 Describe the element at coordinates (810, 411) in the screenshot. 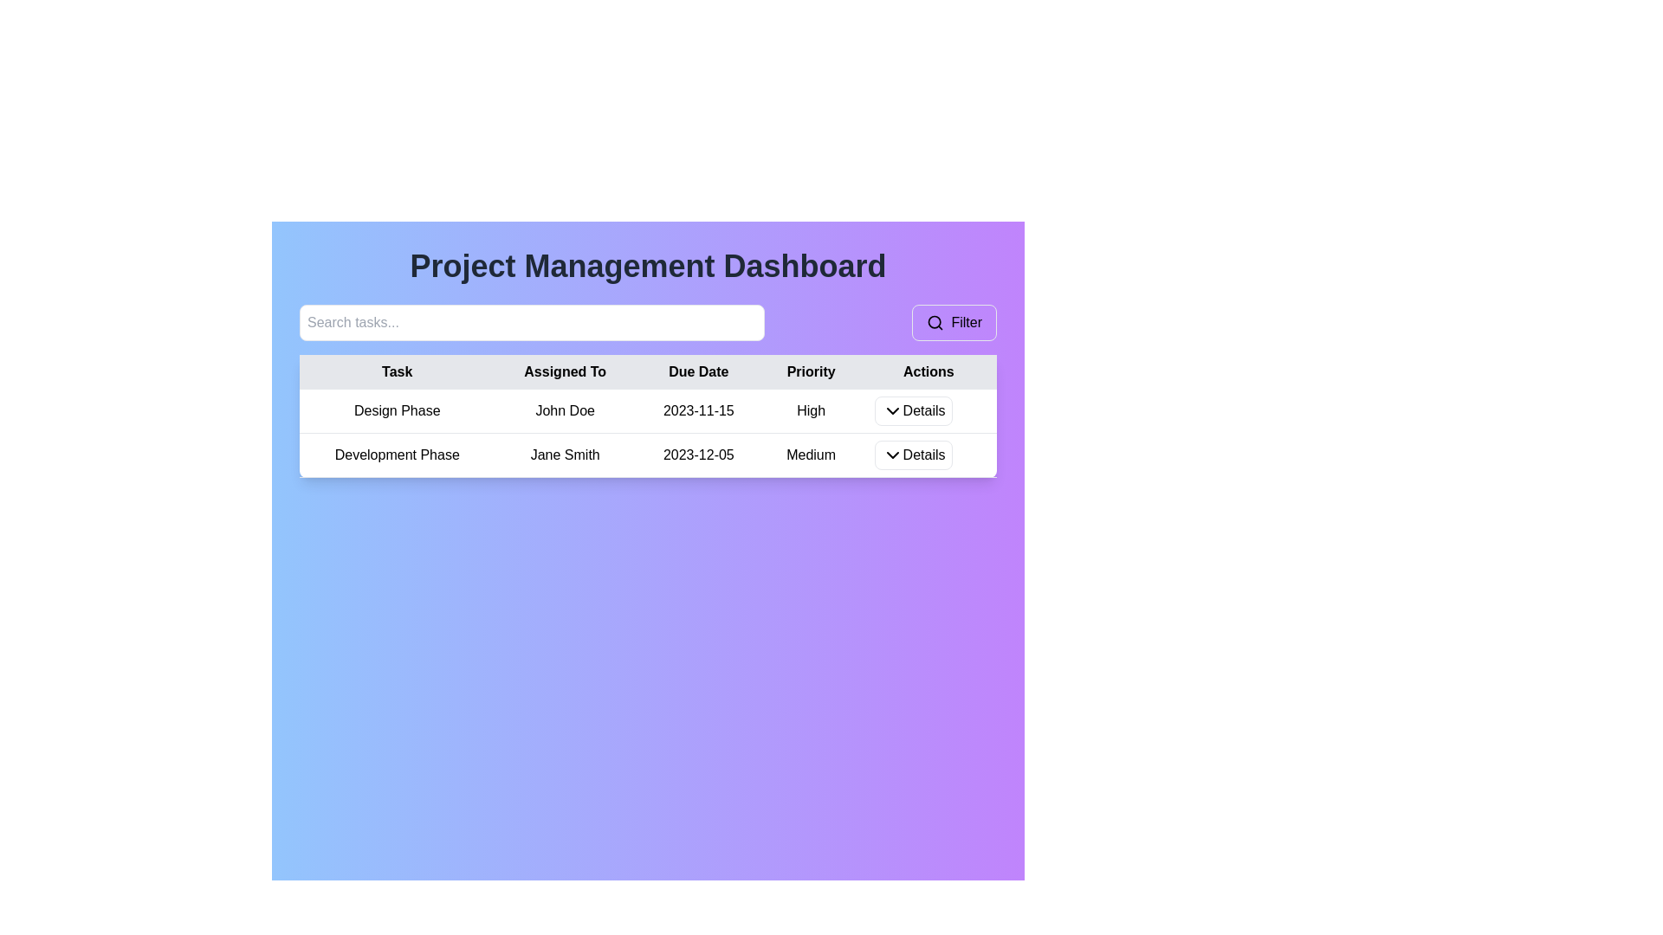

I see `the static text component labeled 'High' in the 'Priority' column of the first row in the 'Project Management Dashboard' table` at that location.